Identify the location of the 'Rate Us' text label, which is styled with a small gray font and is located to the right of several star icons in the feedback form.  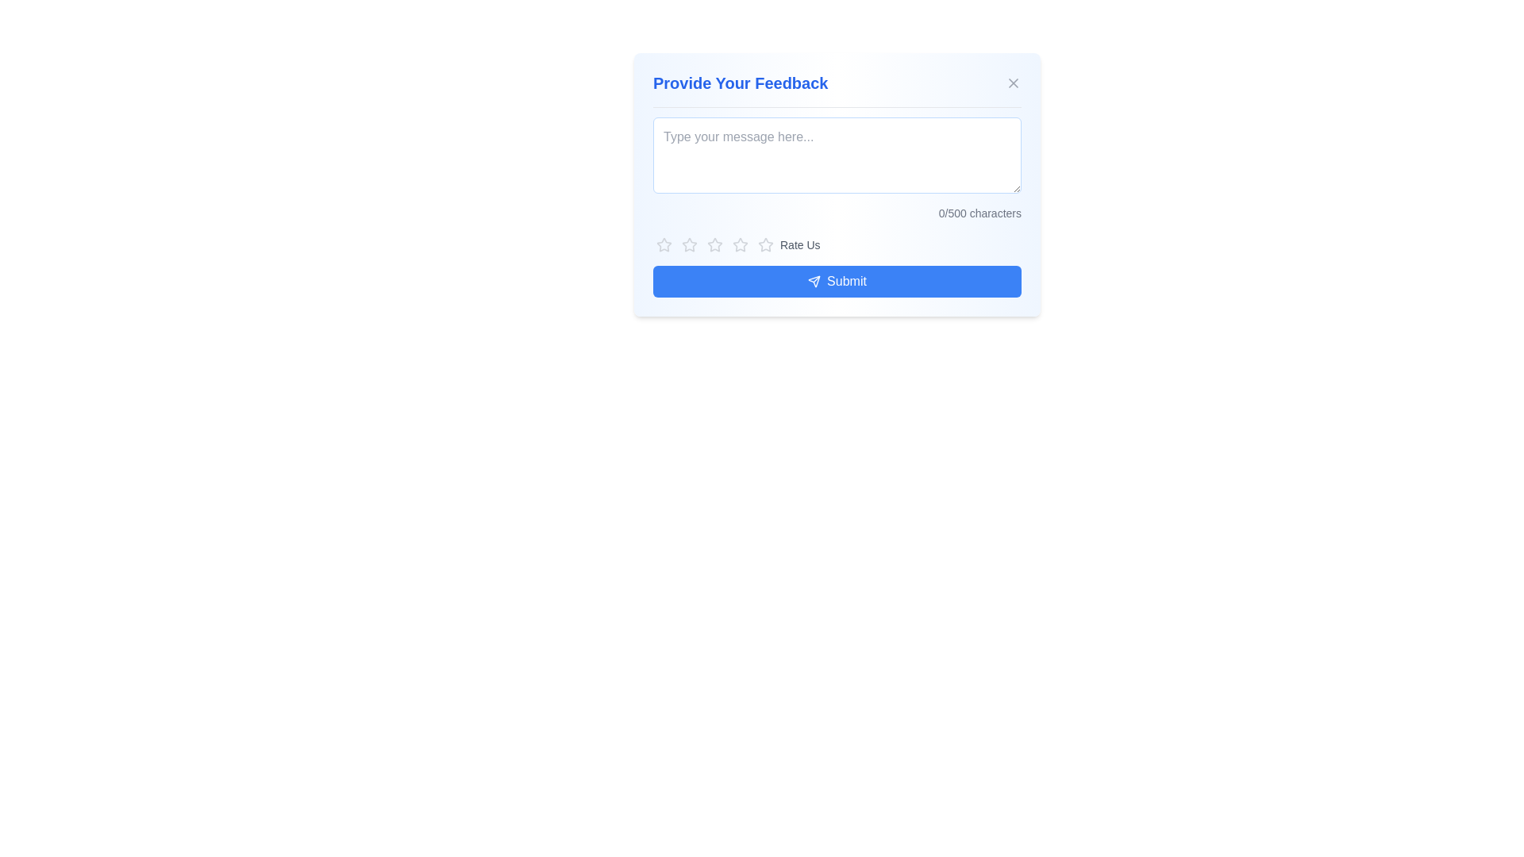
(800, 244).